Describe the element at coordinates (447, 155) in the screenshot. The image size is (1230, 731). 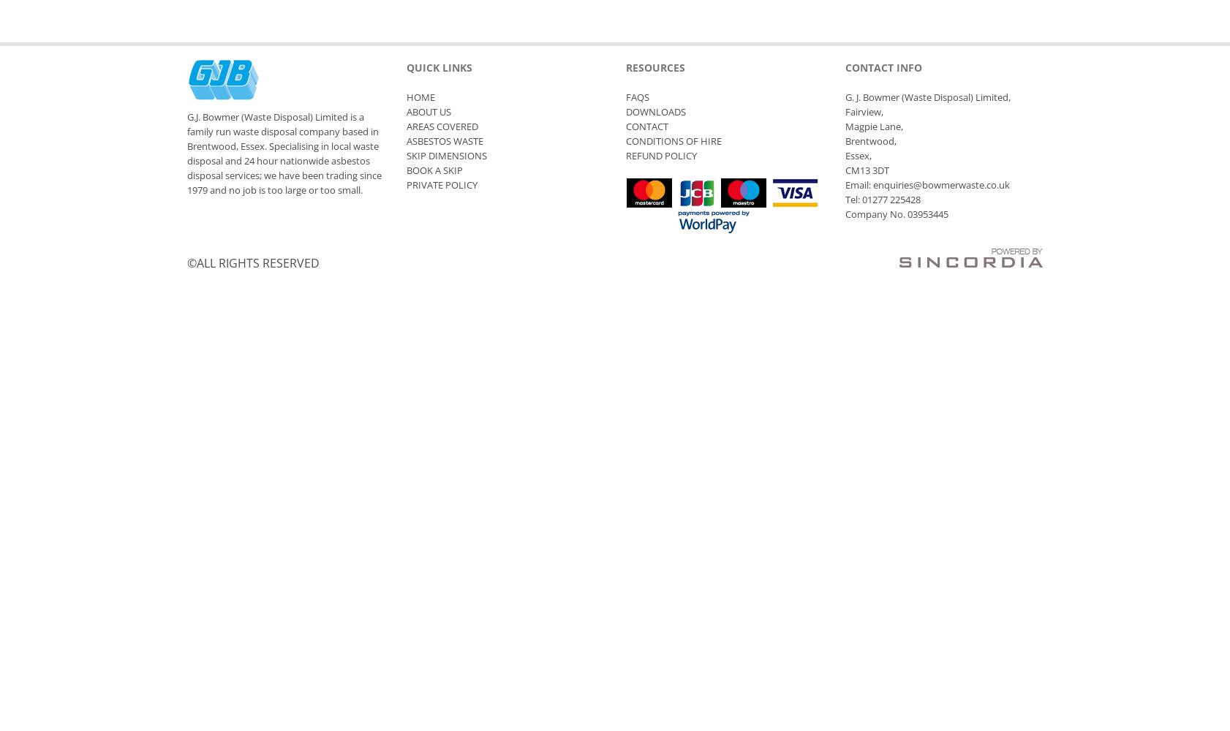
I see `'SKIP DIMENSIONS'` at that location.